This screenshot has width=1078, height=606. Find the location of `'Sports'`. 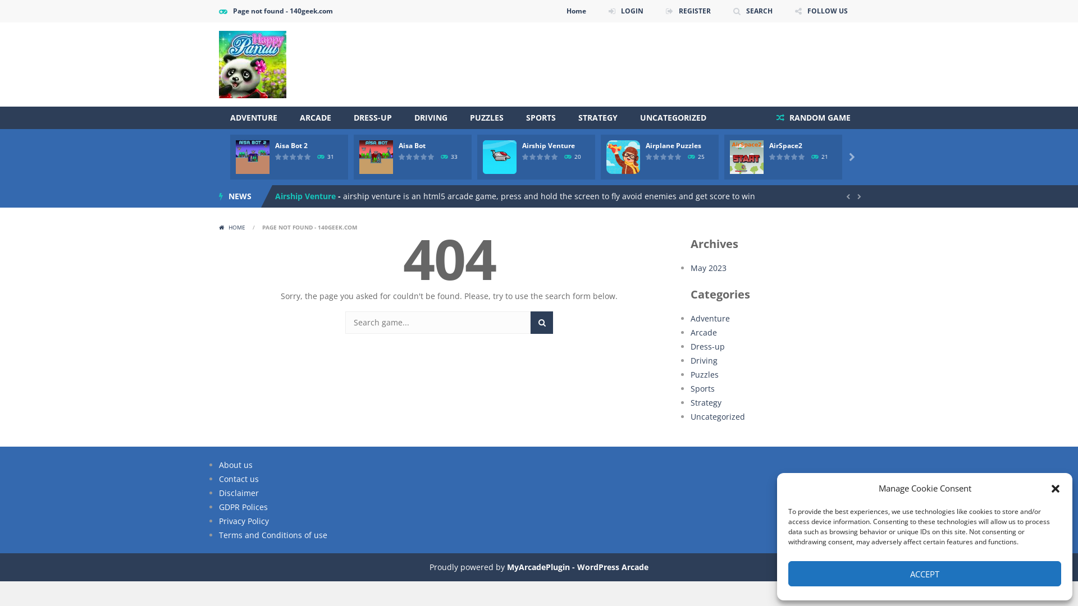

'Sports' is located at coordinates (702, 388).